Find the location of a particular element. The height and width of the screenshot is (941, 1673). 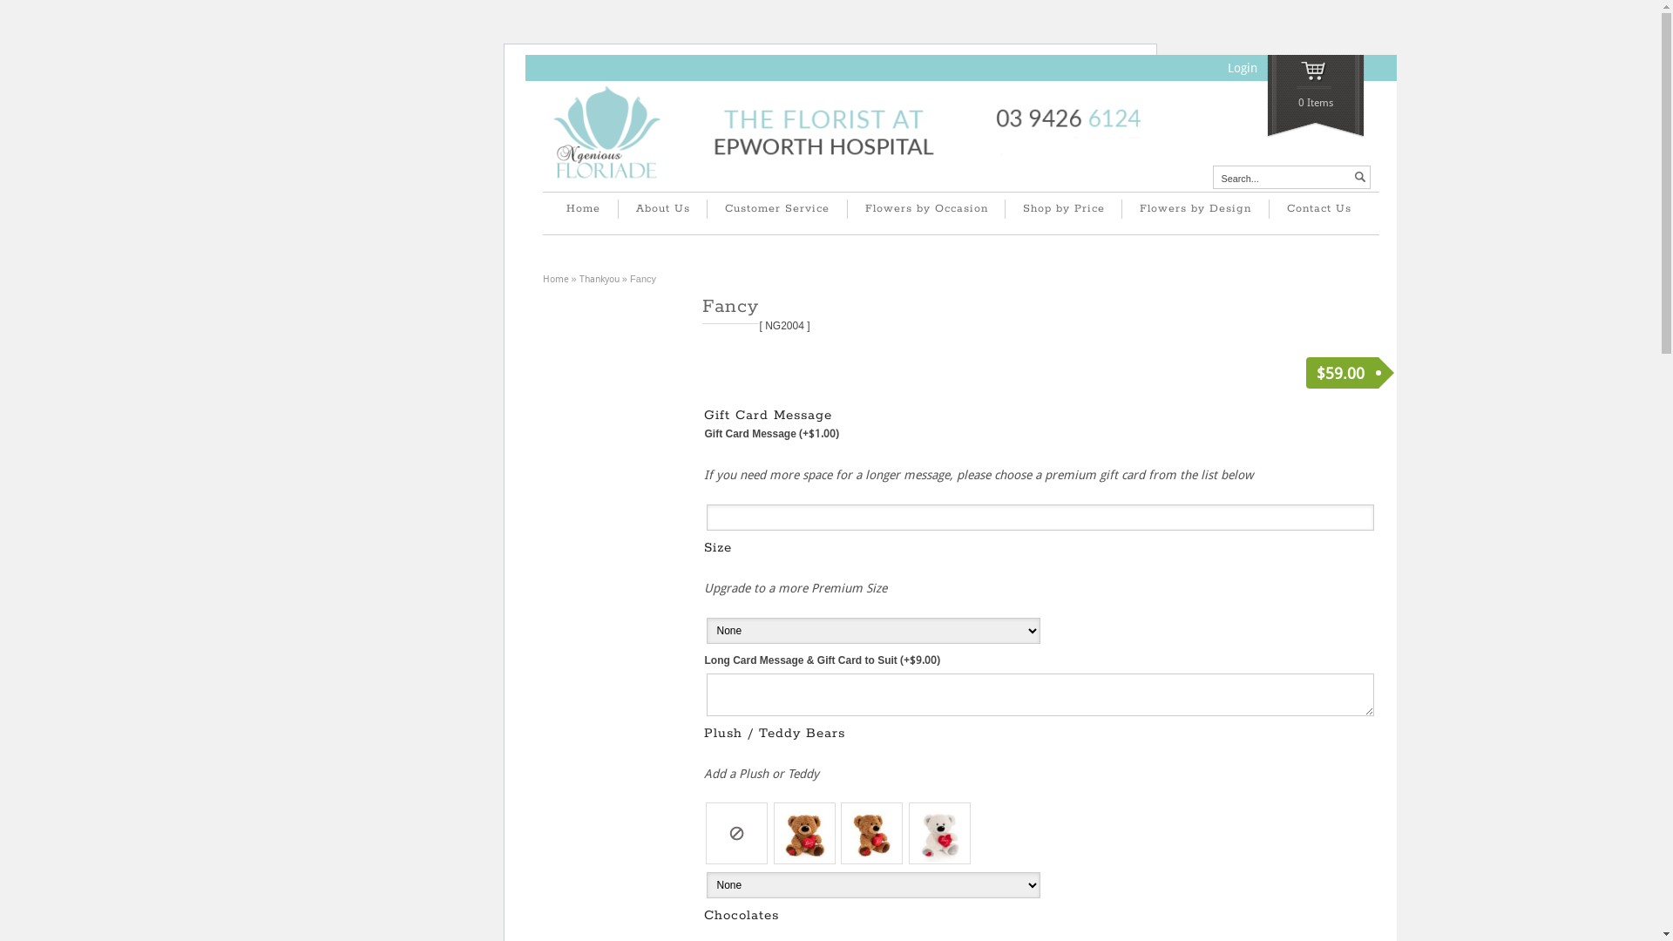

'Flowers by Design' is located at coordinates (1121, 207).